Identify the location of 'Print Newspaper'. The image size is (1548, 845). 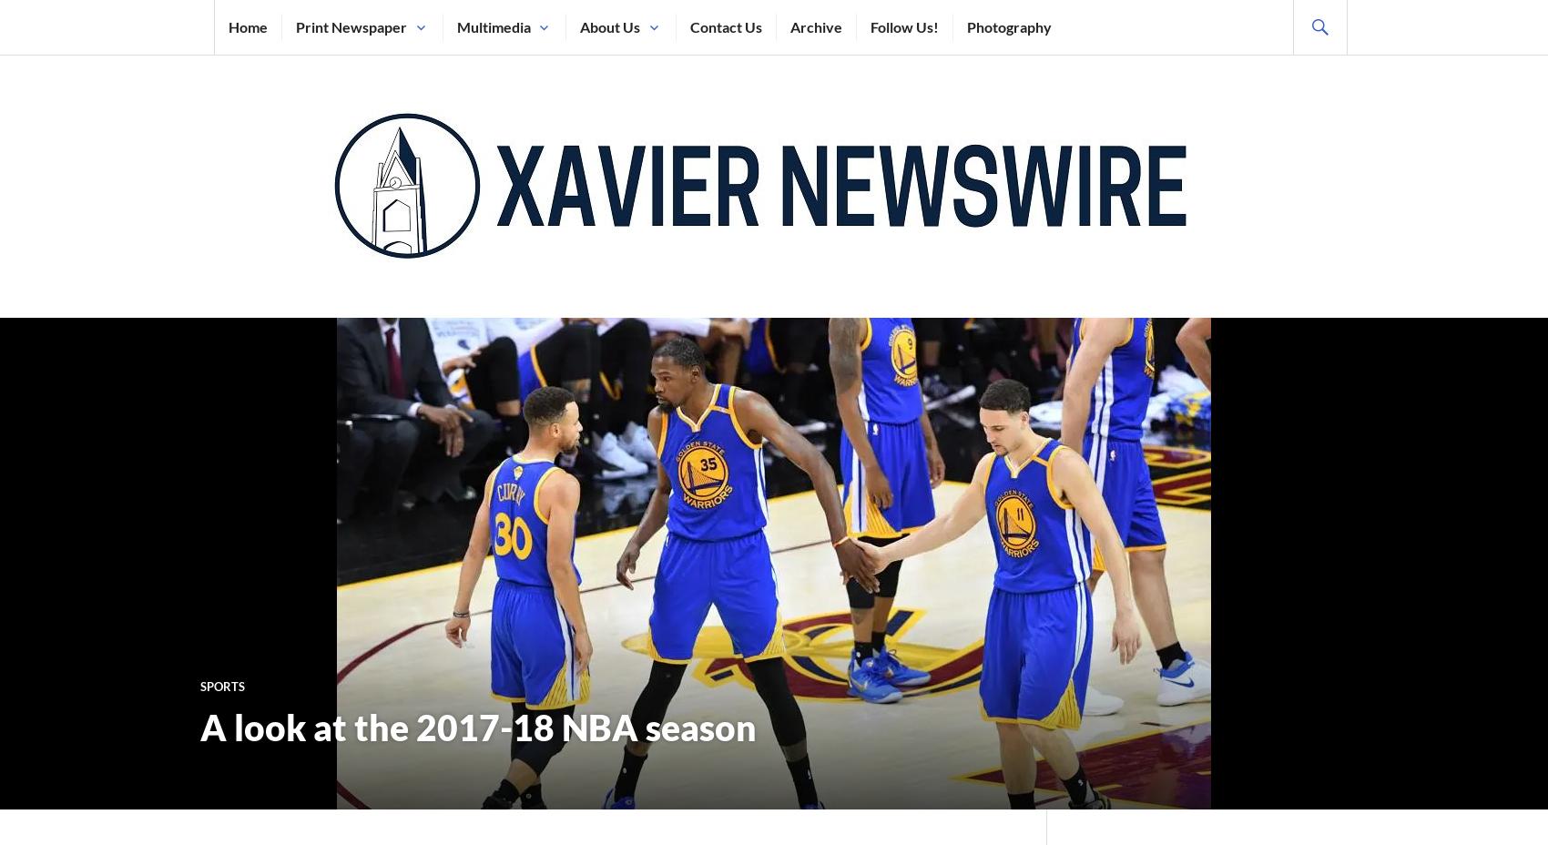
(351, 25).